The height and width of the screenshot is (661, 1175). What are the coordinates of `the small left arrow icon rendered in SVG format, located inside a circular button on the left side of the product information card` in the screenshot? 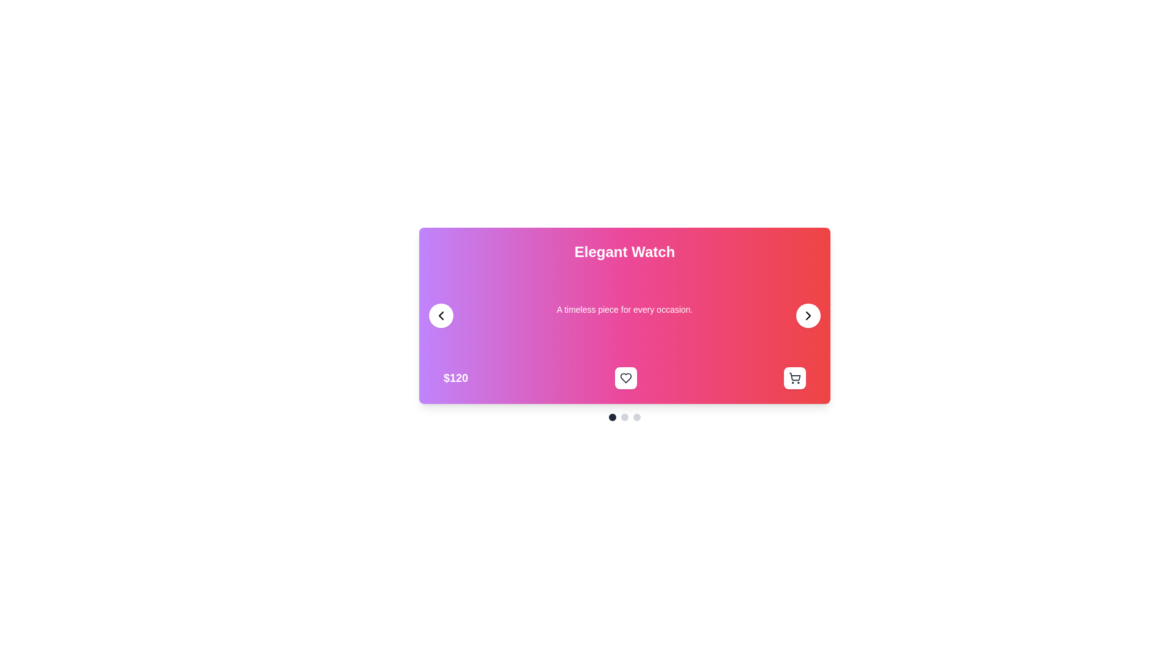 It's located at (441, 315).